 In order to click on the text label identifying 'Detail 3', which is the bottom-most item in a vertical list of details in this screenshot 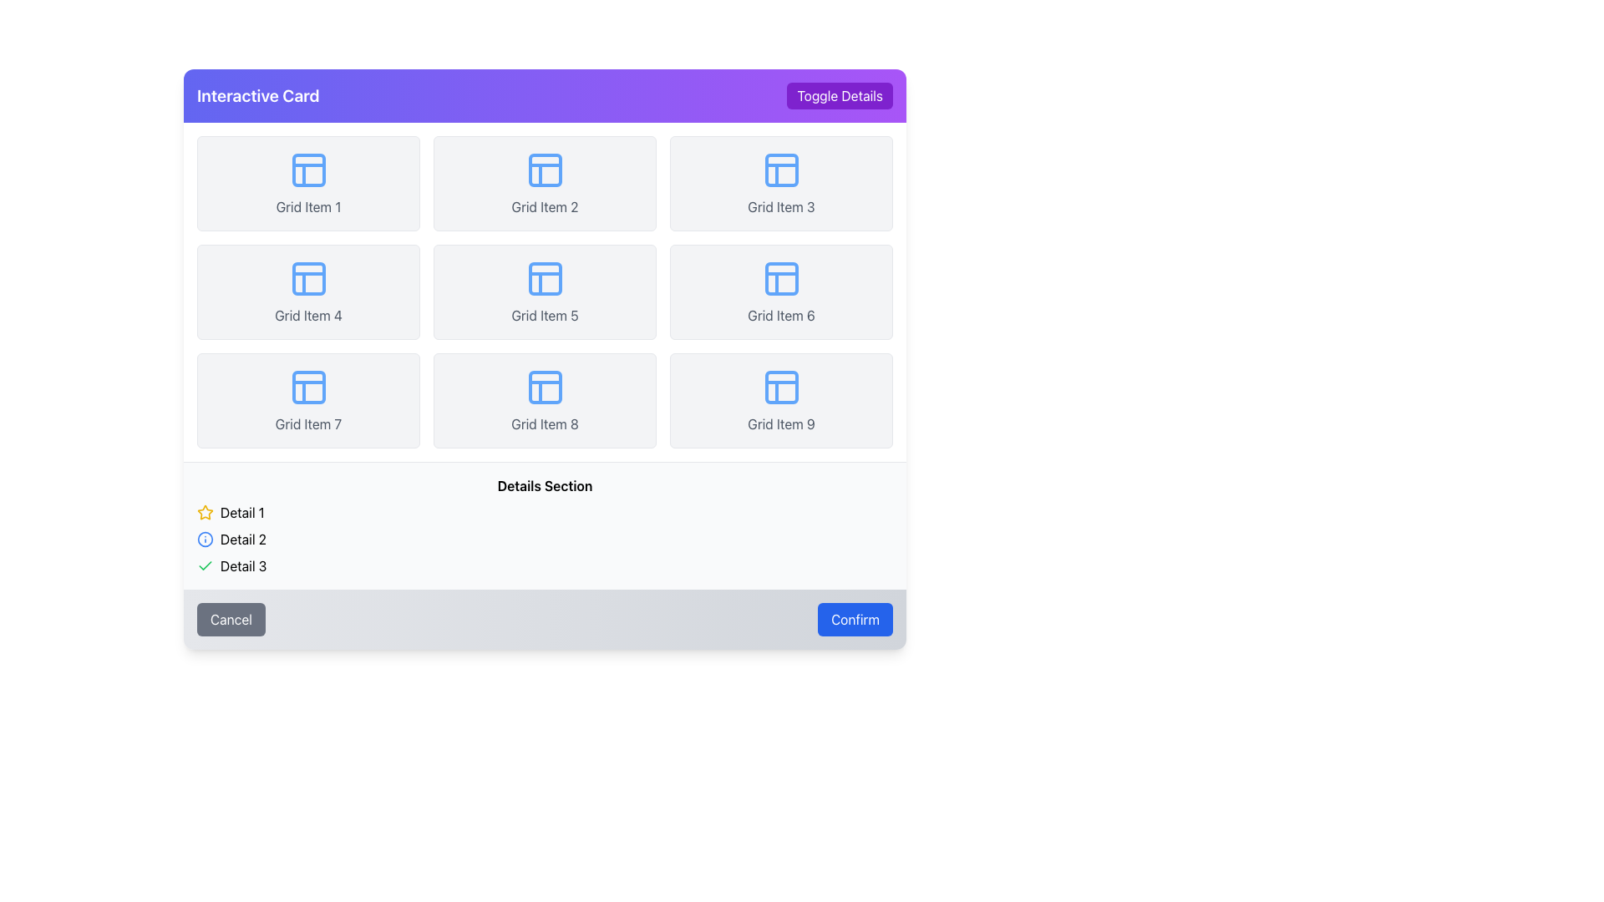, I will do `click(242, 565)`.